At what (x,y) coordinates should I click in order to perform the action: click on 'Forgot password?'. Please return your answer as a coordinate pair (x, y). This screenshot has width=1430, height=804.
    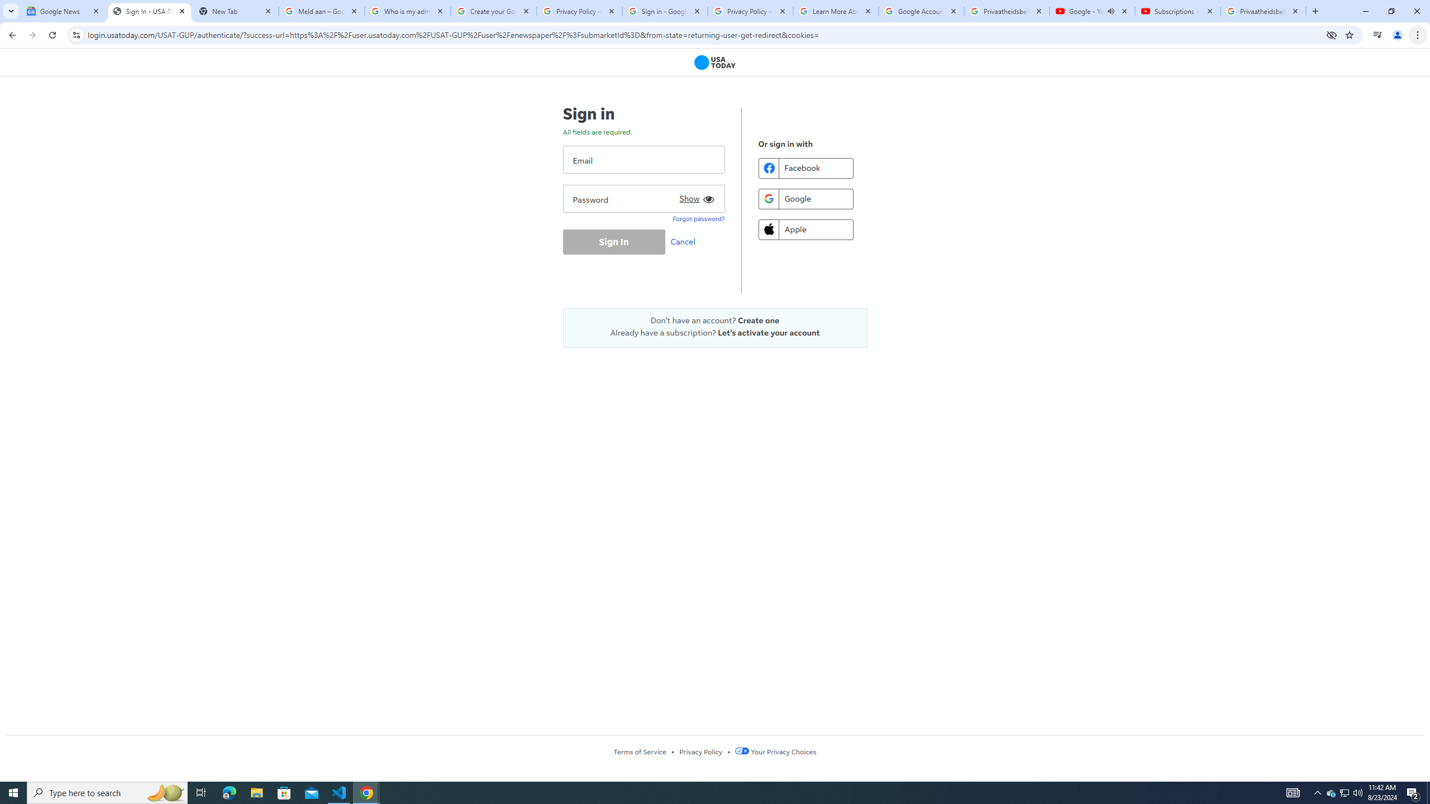
    Looking at the image, I should click on (698, 218).